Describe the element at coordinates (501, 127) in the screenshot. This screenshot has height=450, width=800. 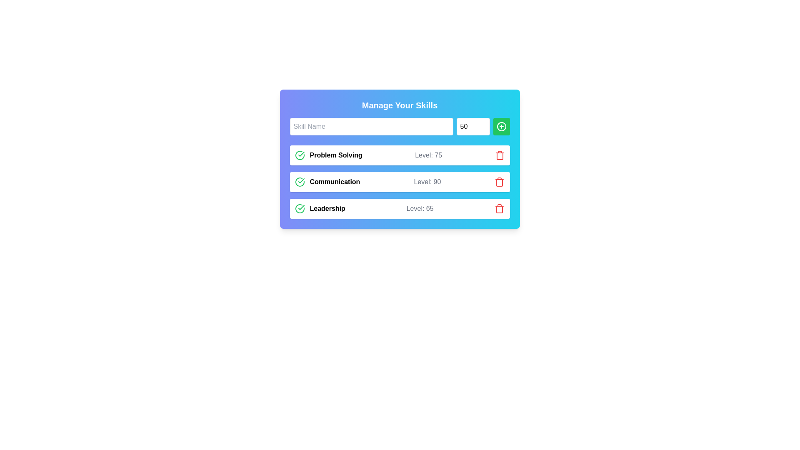
I see `the icon located to the right of the 'Skill Name' input field` at that location.